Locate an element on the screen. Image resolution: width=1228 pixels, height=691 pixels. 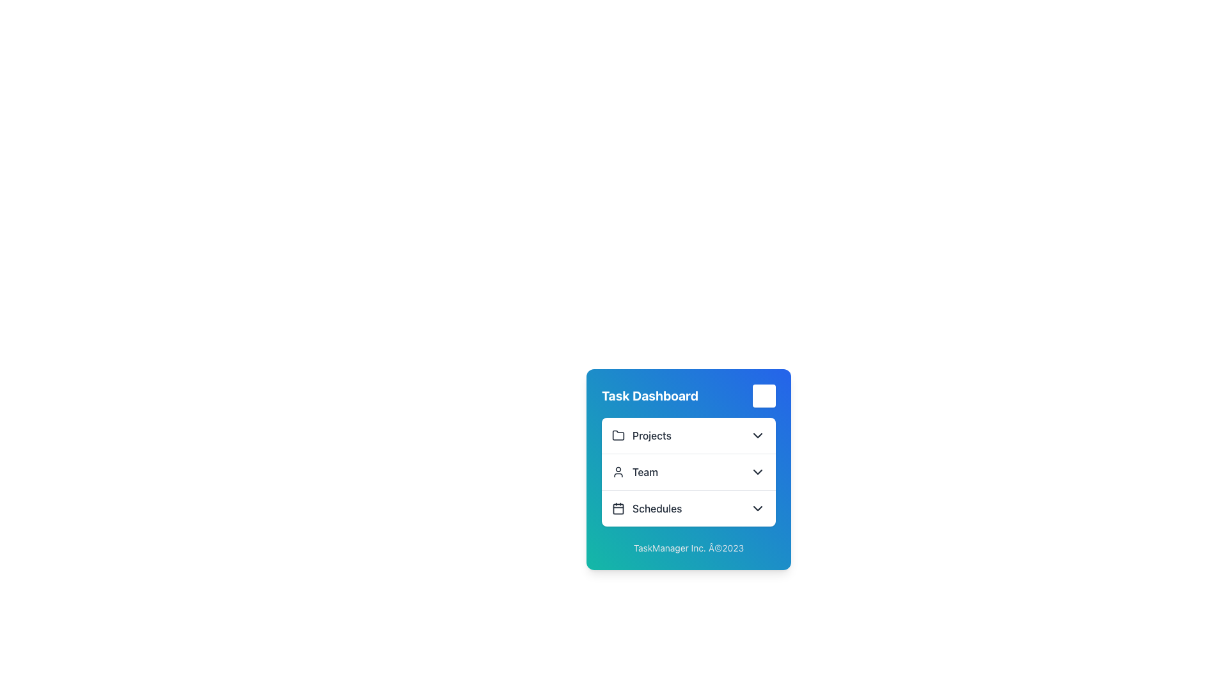
the second item in the list of the 'Task Dashboard' card, which represents a selectable menu option for the 'Team' section is located at coordinates (688, 472).